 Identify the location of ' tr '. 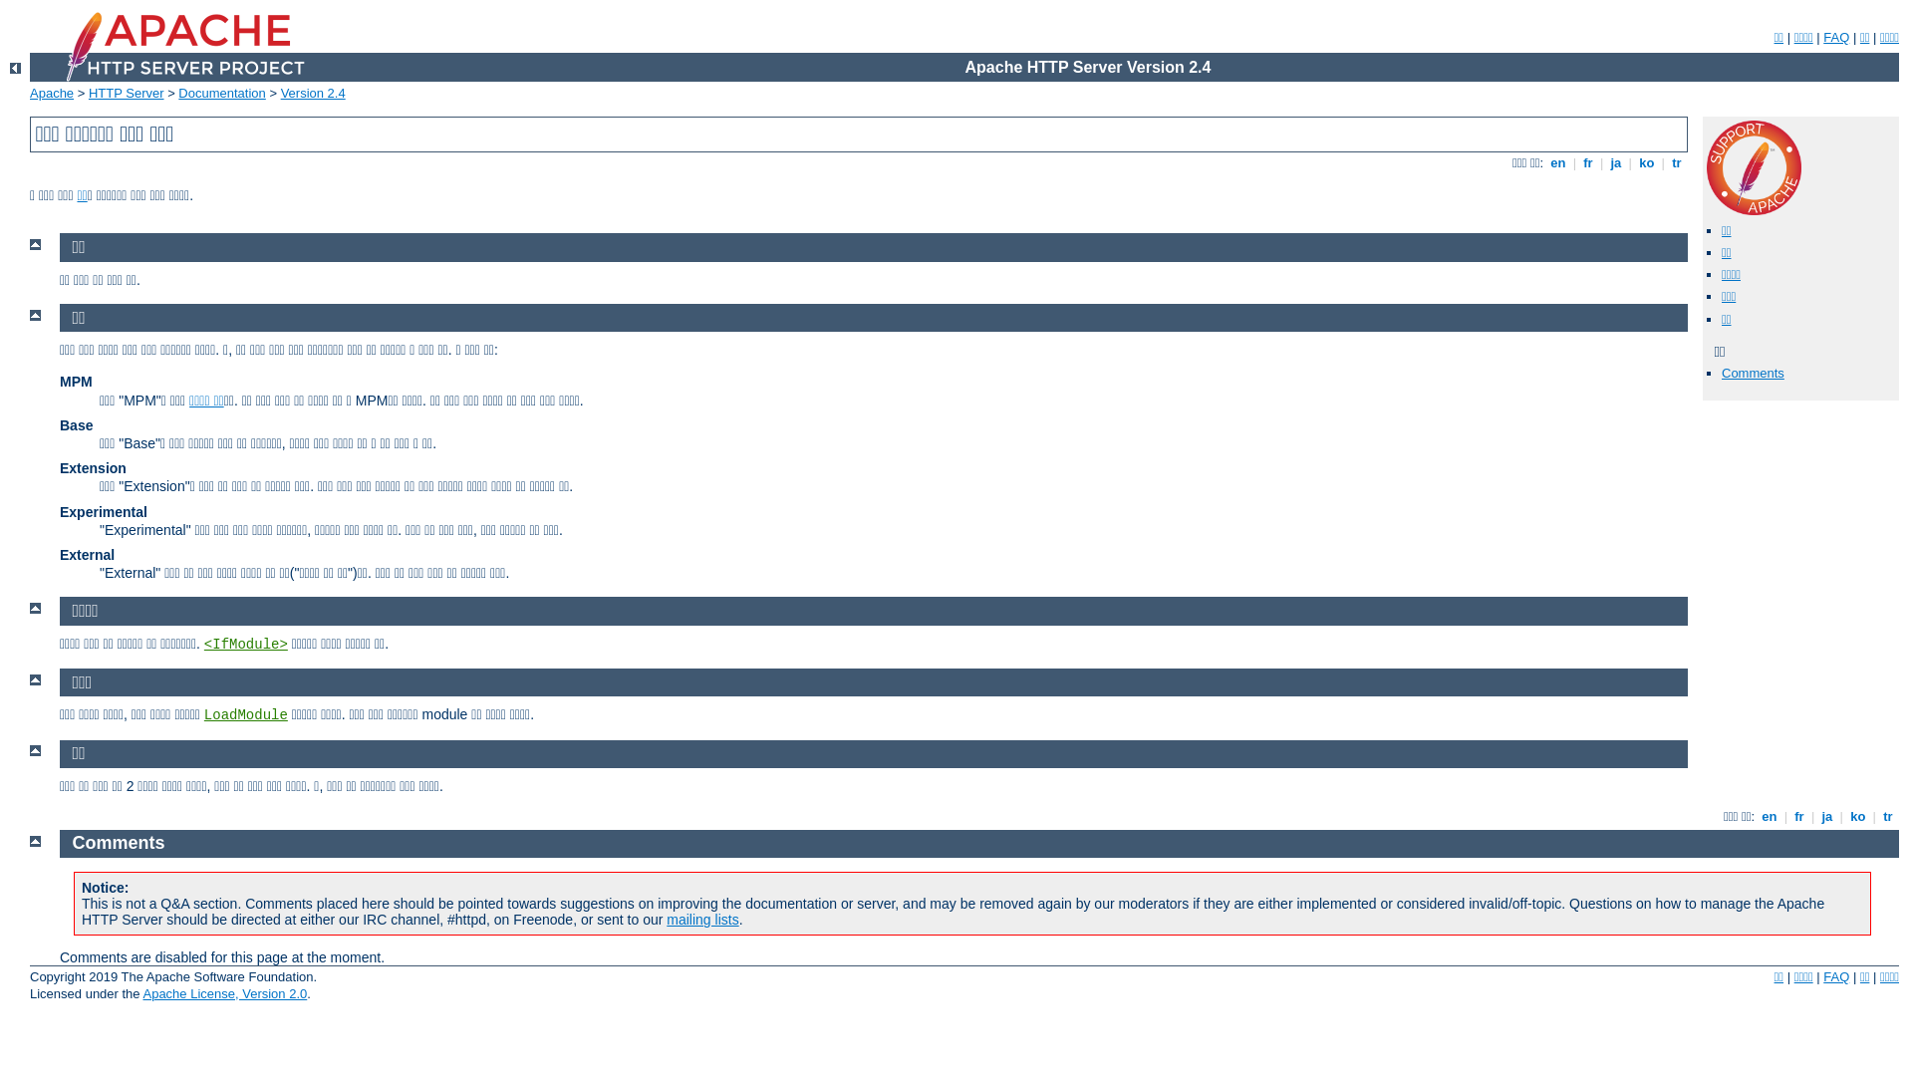
(1676, 161).